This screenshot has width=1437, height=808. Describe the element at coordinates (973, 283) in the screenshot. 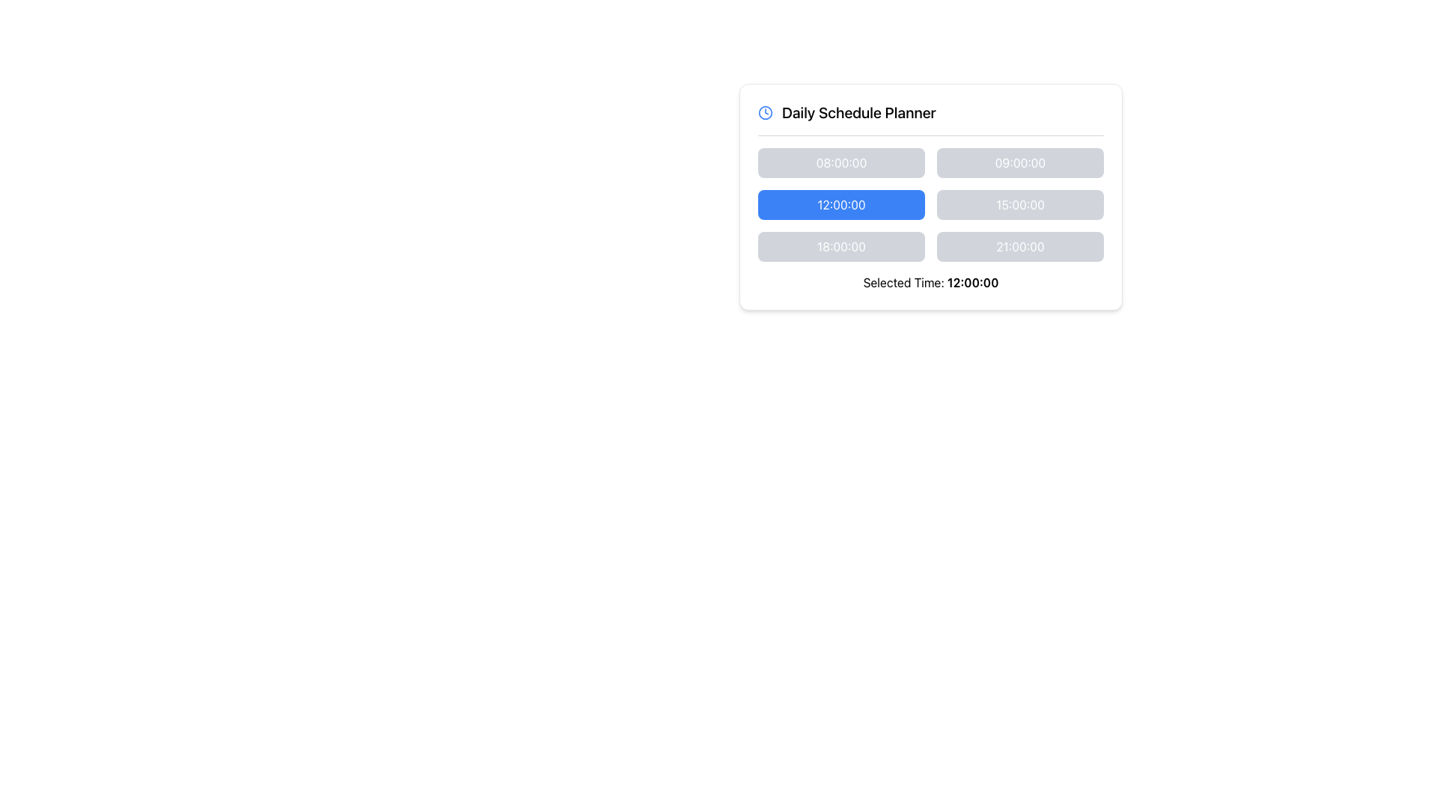

I see `text displayed in the 'Selected Time:' label, which shows the currently selected time from the schedule` at that location.